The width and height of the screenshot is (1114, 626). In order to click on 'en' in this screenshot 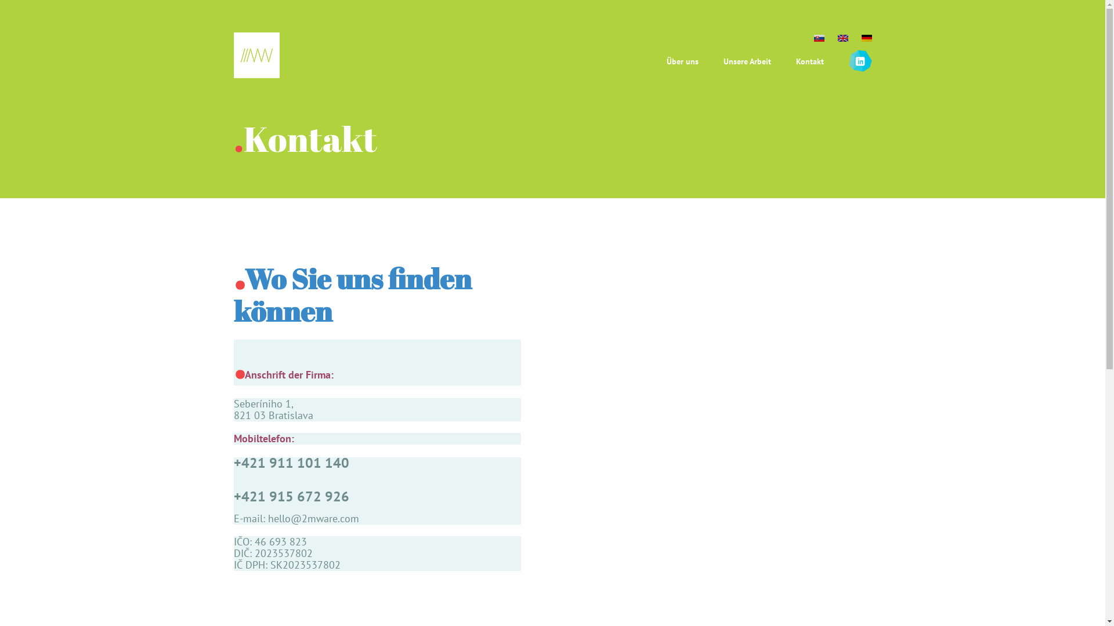, I will do `click(843, 37)`.